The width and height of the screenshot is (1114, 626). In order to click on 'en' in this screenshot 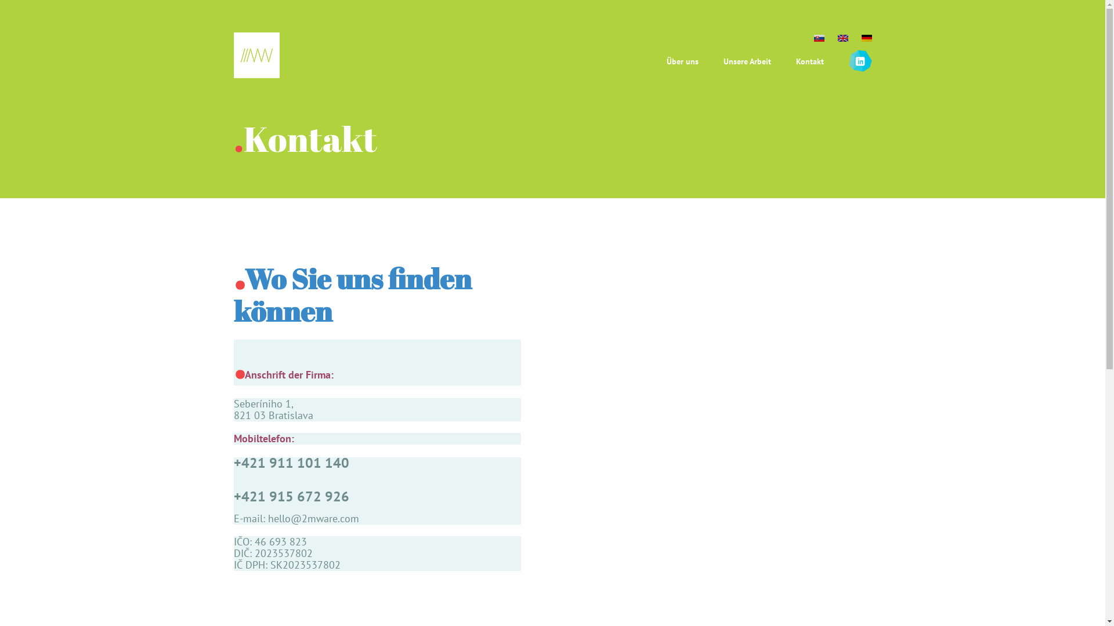, I will do `click(843, 37)`.